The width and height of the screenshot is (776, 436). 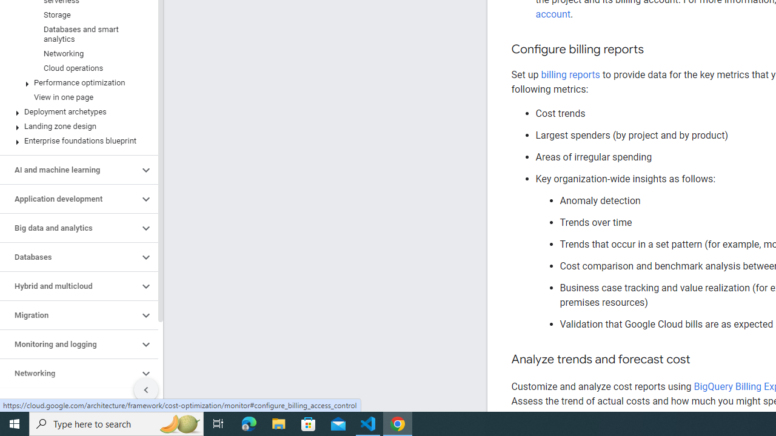 I want to click on 'Hide side navigation', so click(x=145, y=390).